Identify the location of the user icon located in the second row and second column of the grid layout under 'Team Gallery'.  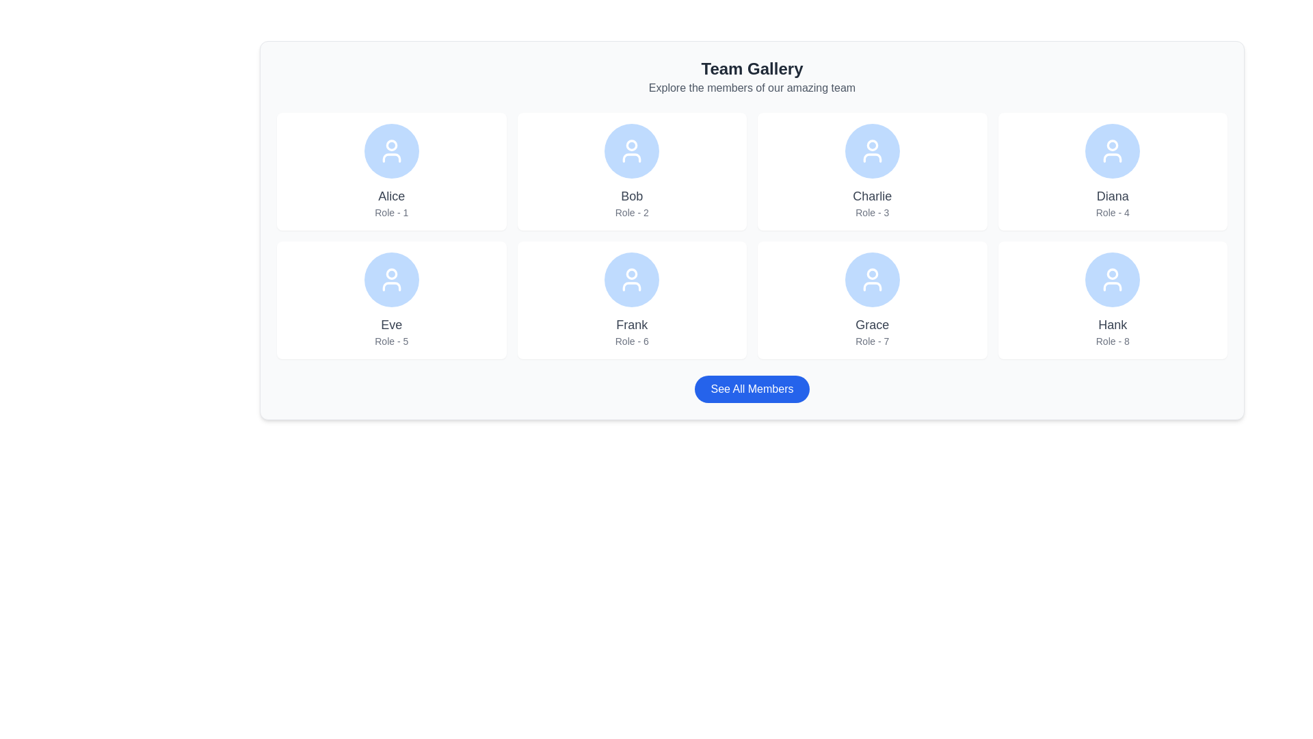
(871, 278).